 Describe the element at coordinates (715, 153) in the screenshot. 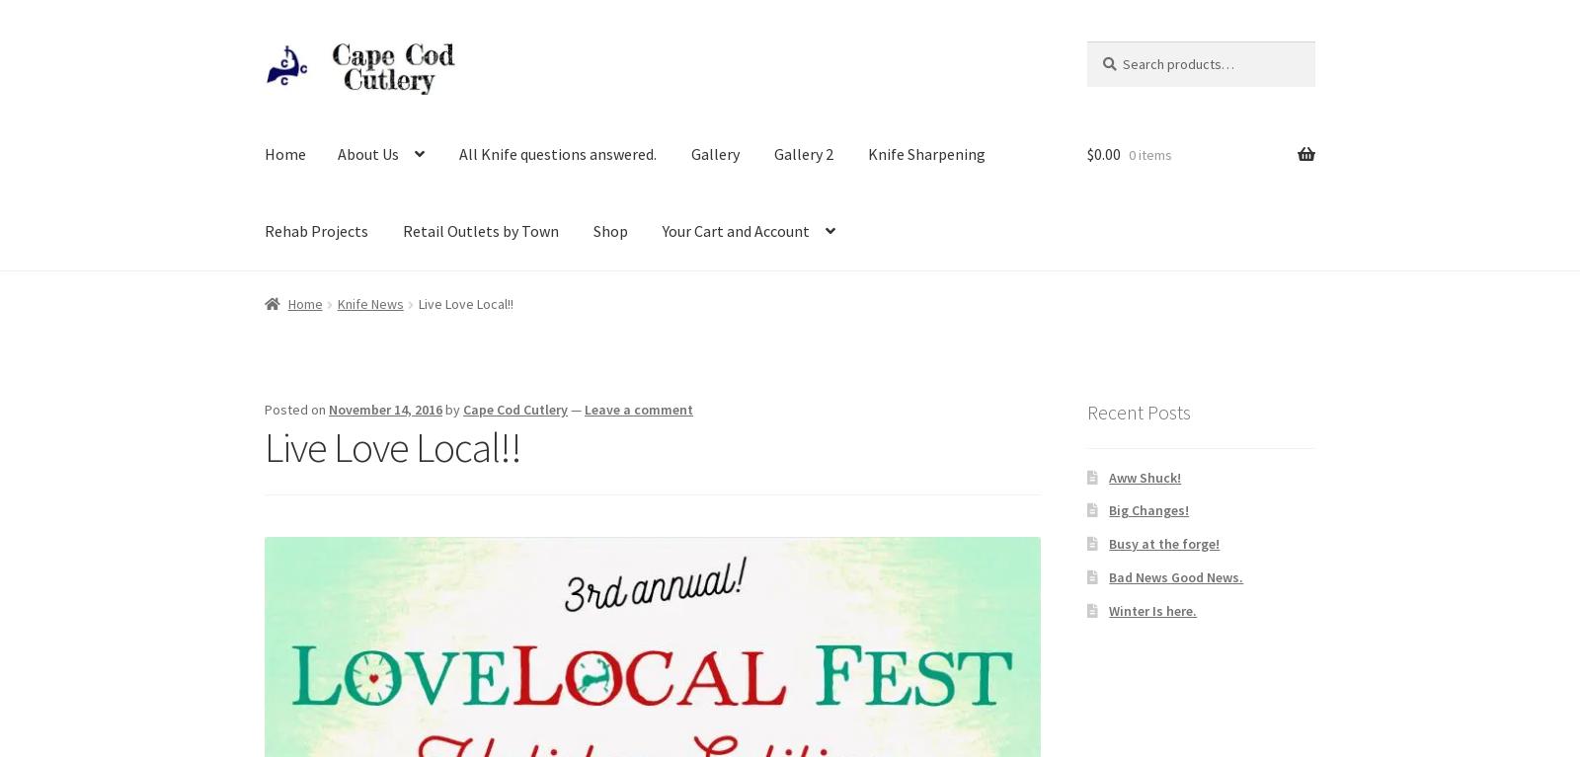

I see `'Gallery'` at that location.